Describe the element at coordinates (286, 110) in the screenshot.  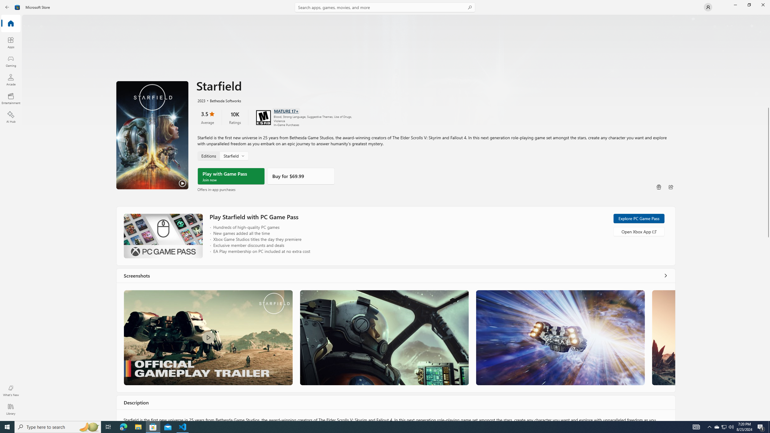
I see `'Age rating: MATURE 17+. Click for more information.'` at that location.